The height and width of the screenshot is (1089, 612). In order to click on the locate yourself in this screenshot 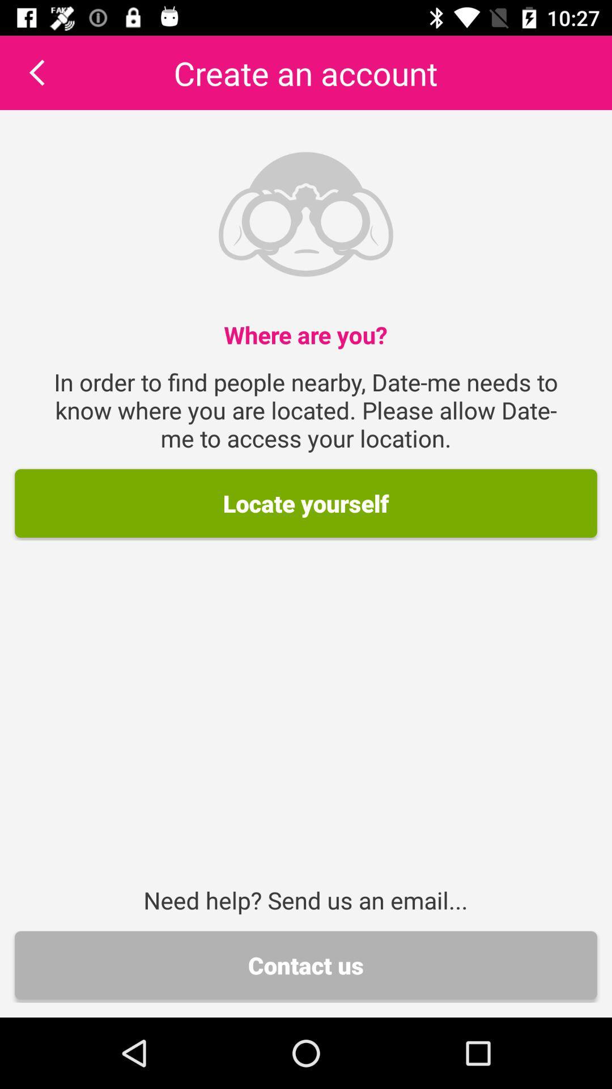, I will do `click(306, 503)`.